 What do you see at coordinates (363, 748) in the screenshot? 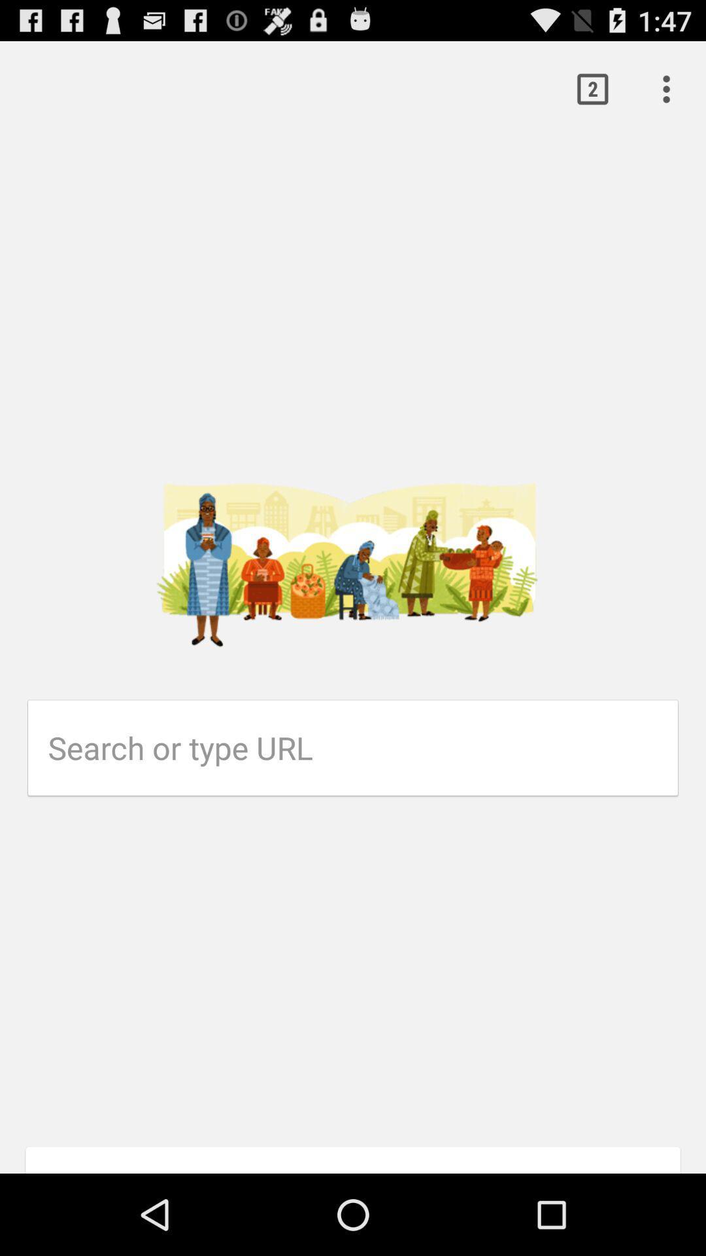
I see `url box` at bounding box center [363, 748].